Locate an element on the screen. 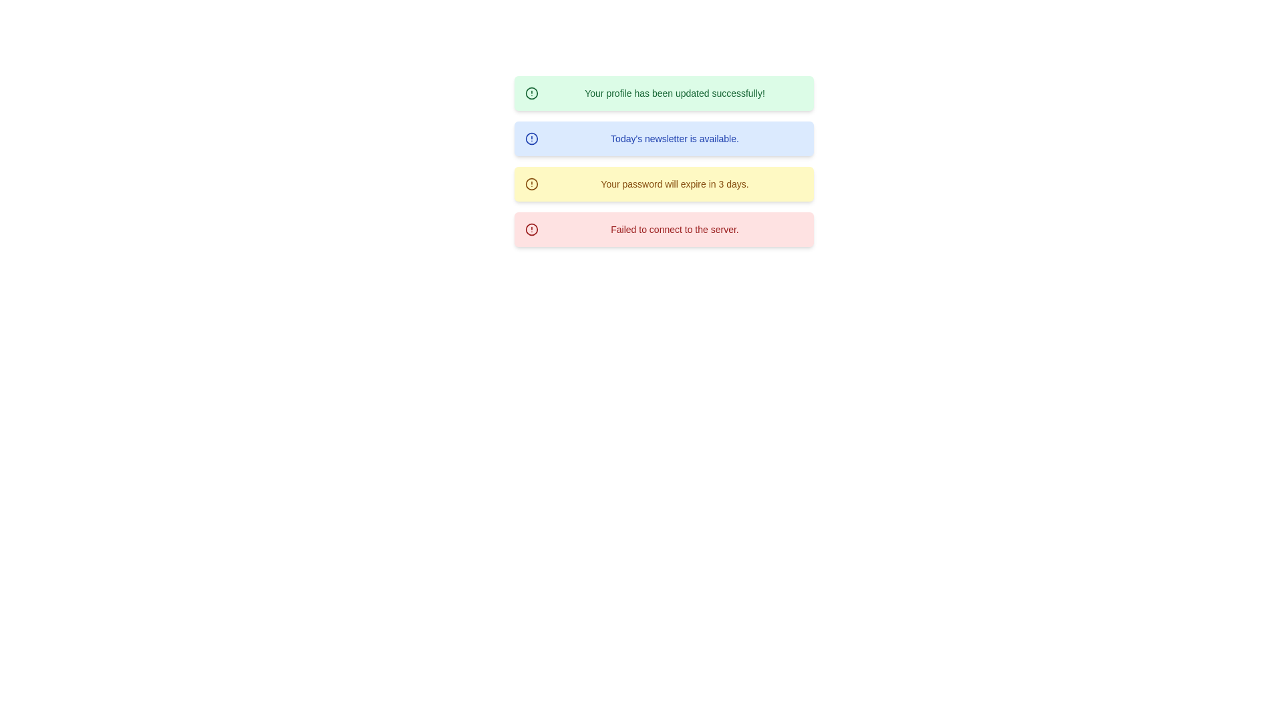  the Notification Box that displays the message 'Failed to connect to the server.' is located at coordinates (664, 228).